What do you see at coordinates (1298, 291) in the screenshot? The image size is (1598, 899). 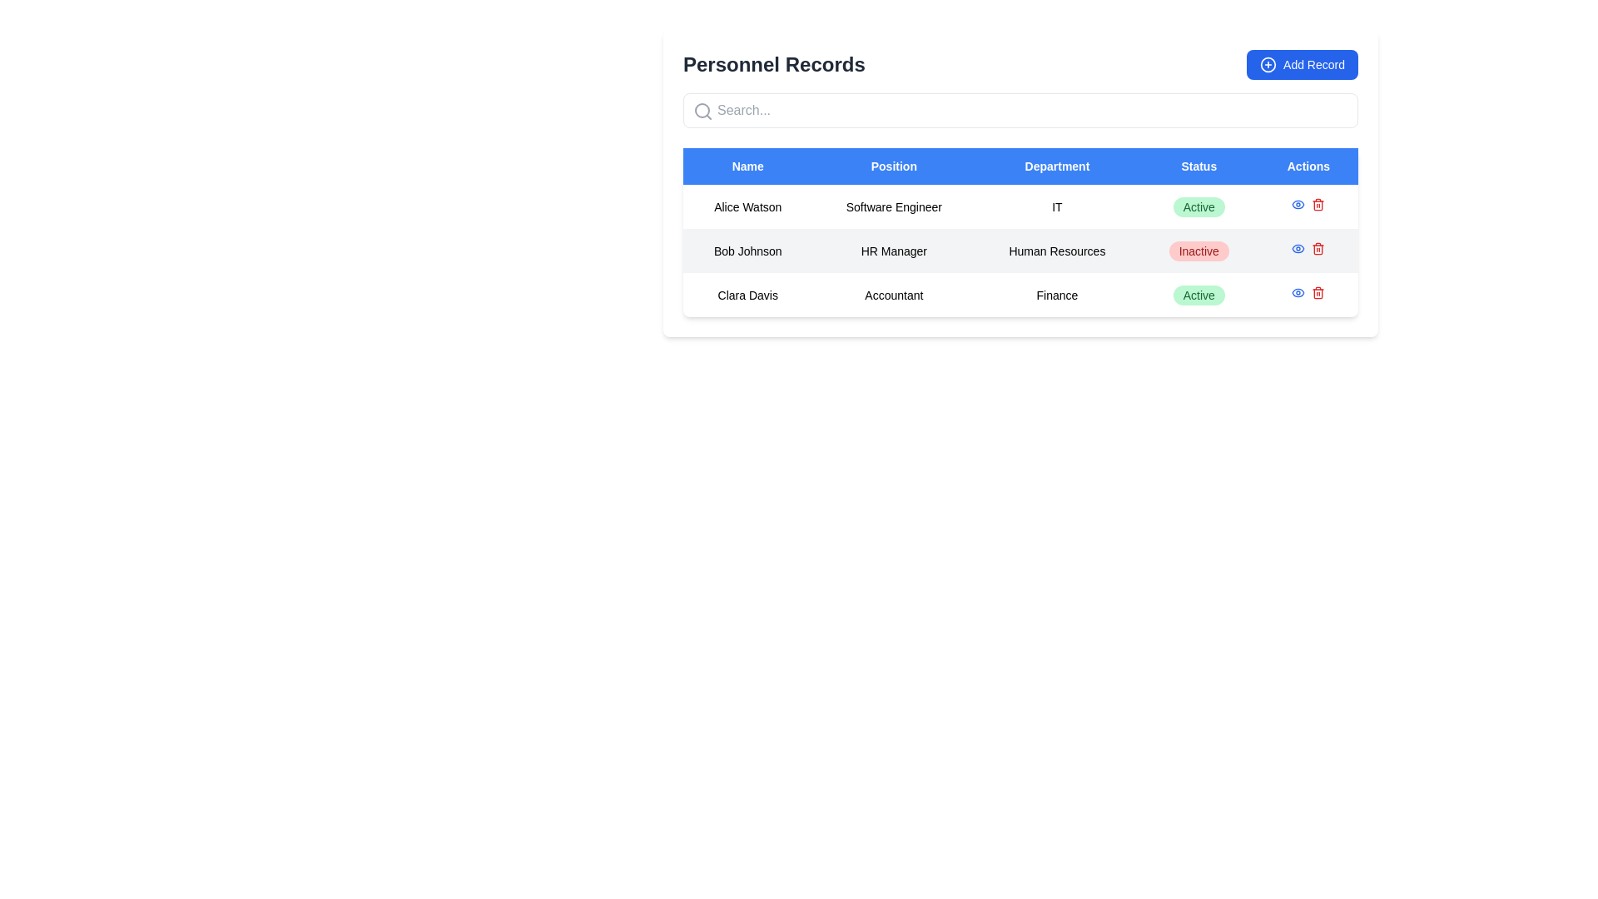 I see `the visibility icon` at bounding box center [1298, 291].